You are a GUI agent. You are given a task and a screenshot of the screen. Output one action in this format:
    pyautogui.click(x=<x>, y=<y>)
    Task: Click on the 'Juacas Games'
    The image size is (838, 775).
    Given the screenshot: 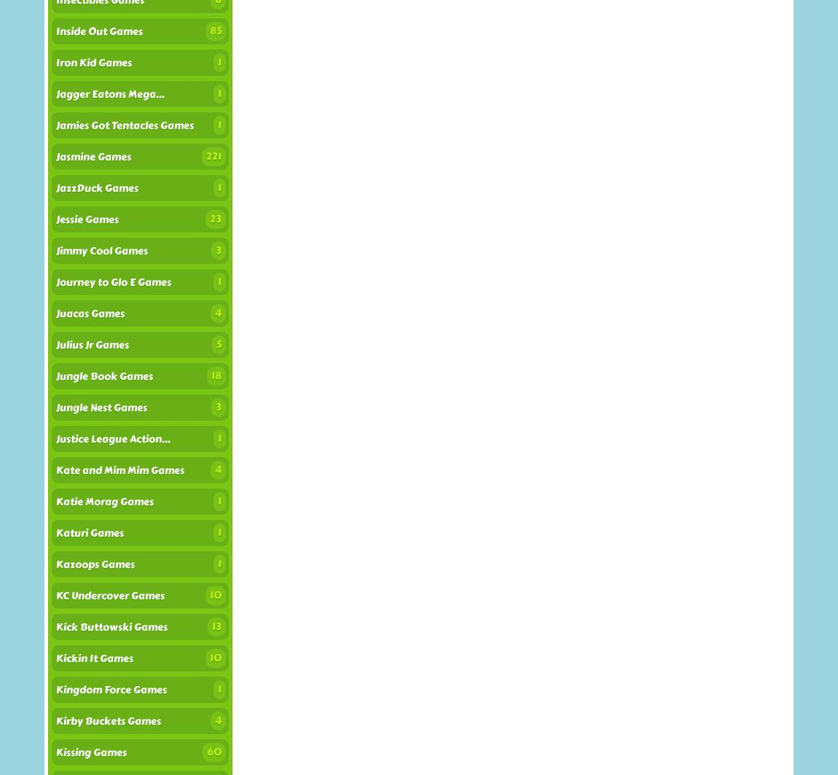 What is the action you would take?
    pyautogui.click(x=89, y=313)
    